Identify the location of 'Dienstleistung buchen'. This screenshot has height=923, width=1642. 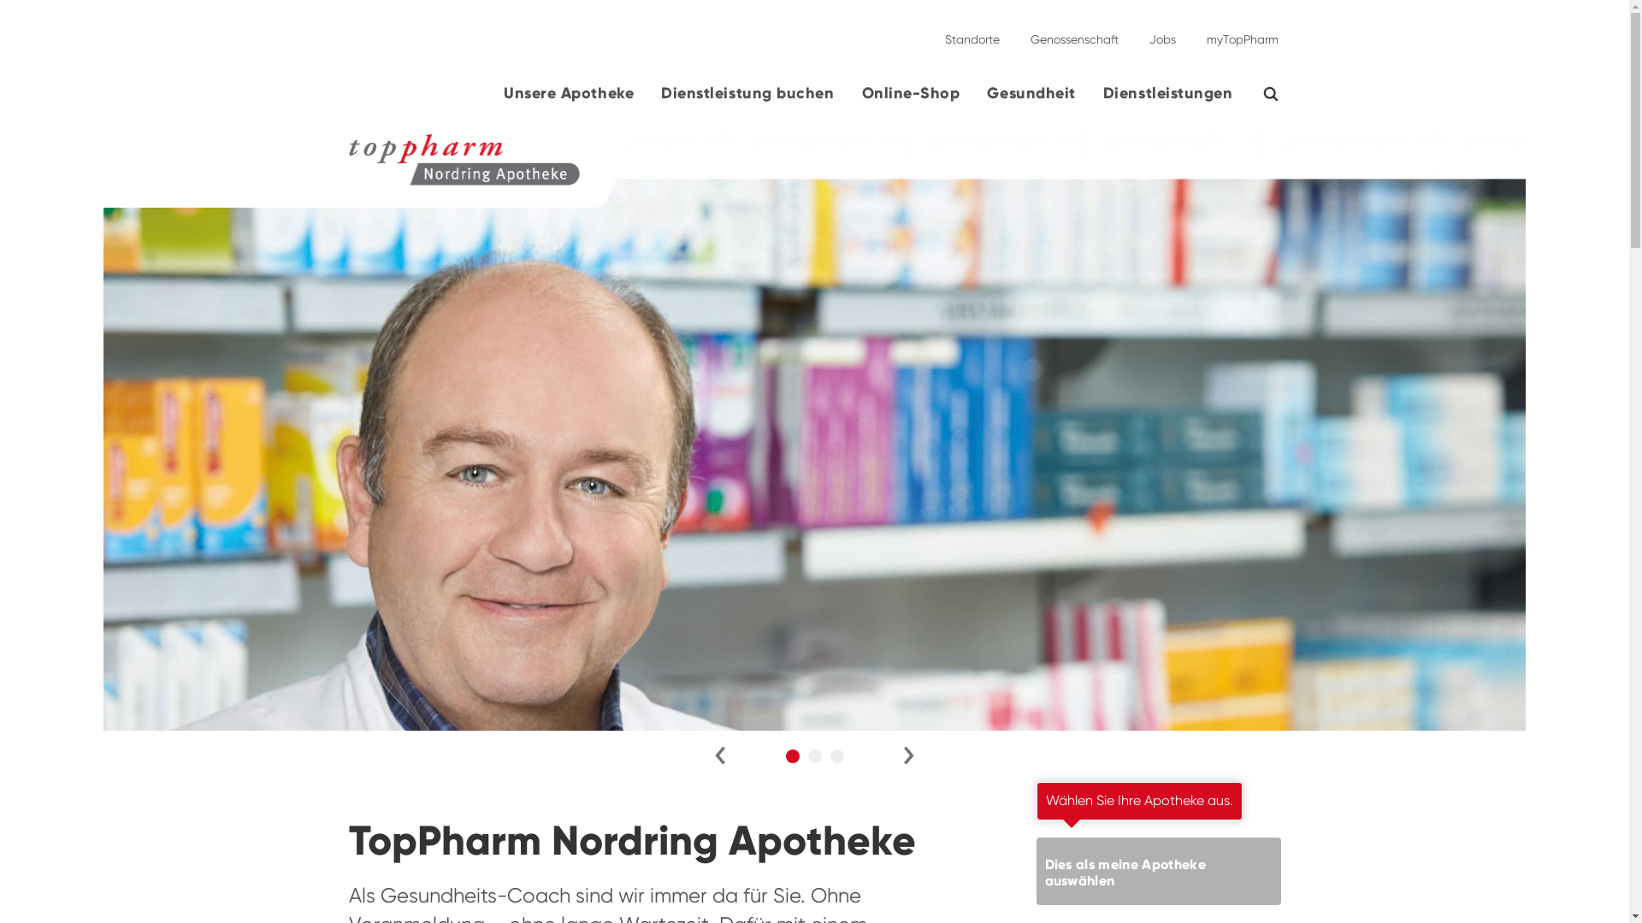
(747, 99).